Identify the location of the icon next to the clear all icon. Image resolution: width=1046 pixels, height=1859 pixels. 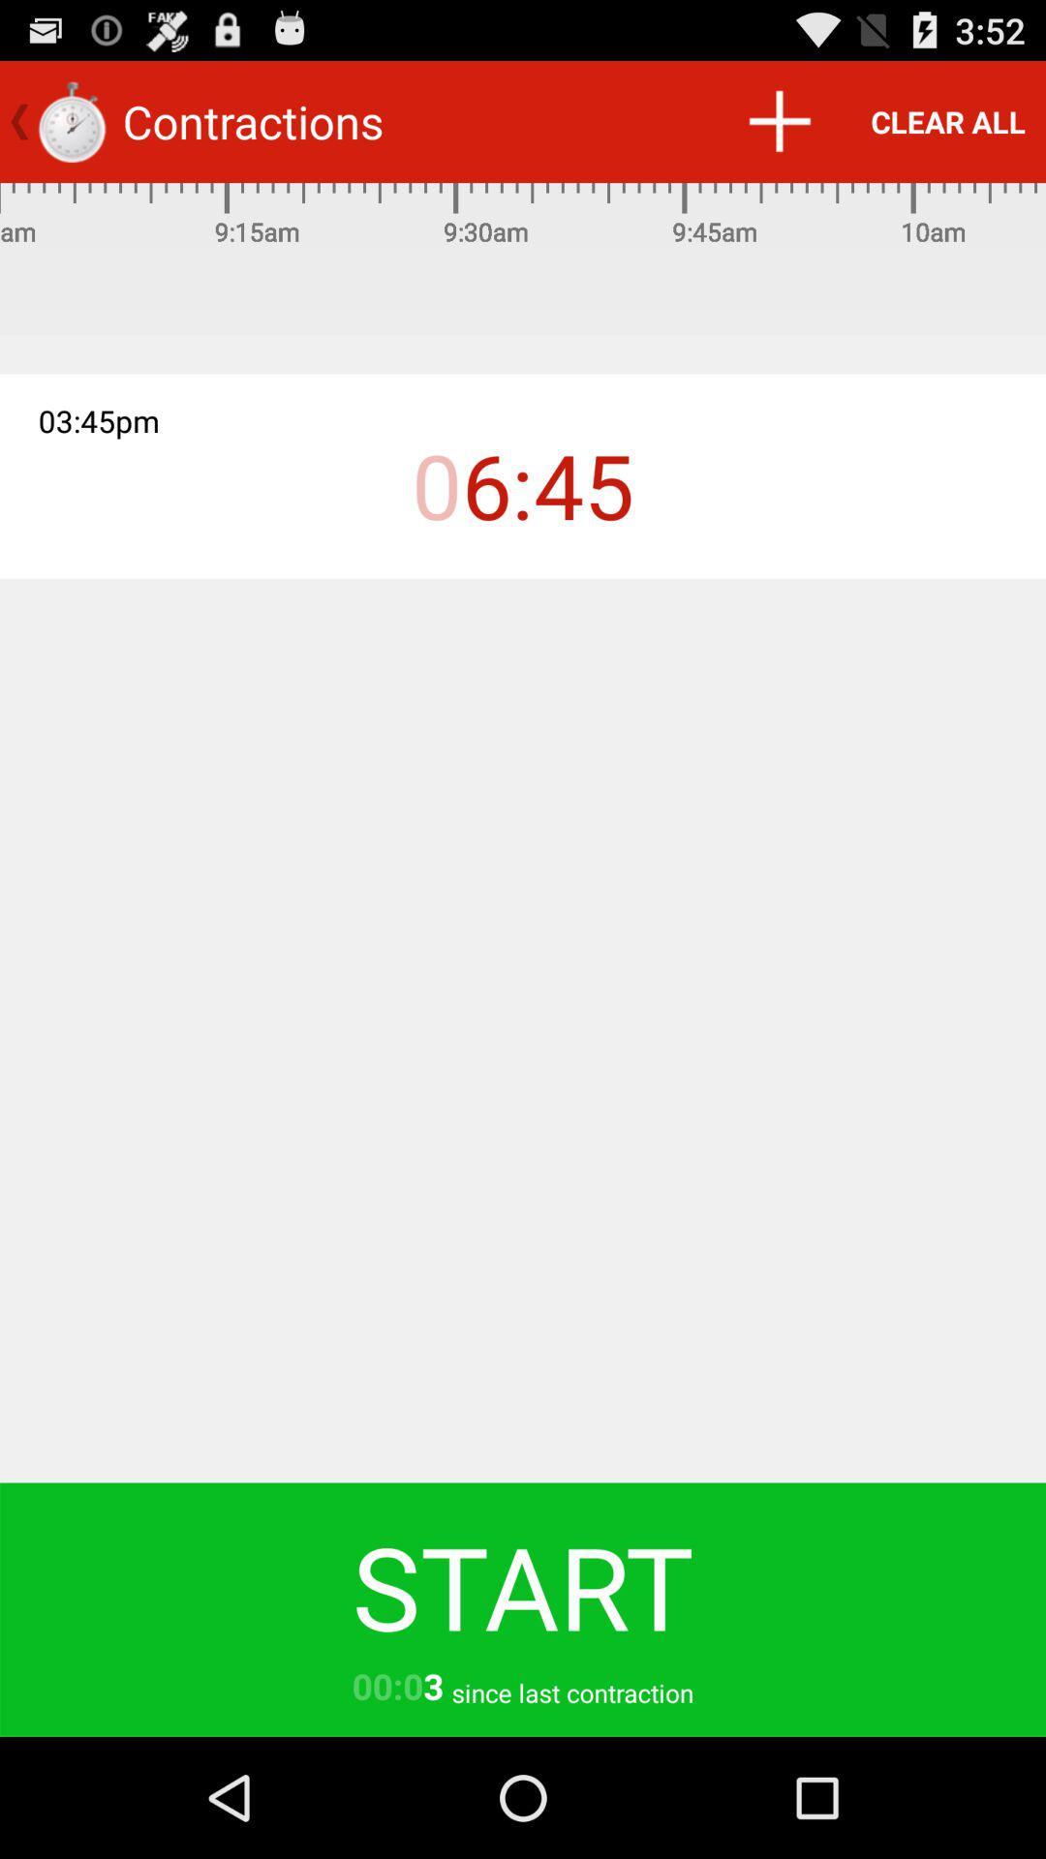
(778, 120).